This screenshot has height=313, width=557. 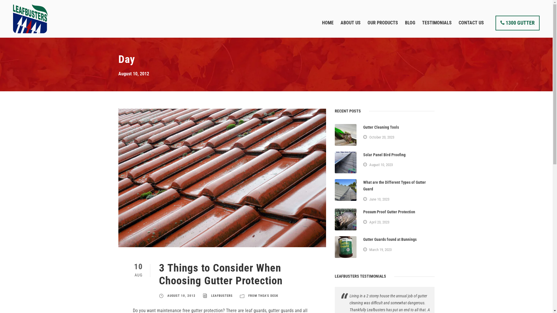 What do you see at coordinates (394, 185) in the screenshot?
I see `'What are the Different Types of Gutter Guard'` at bounding box center [394, 185].